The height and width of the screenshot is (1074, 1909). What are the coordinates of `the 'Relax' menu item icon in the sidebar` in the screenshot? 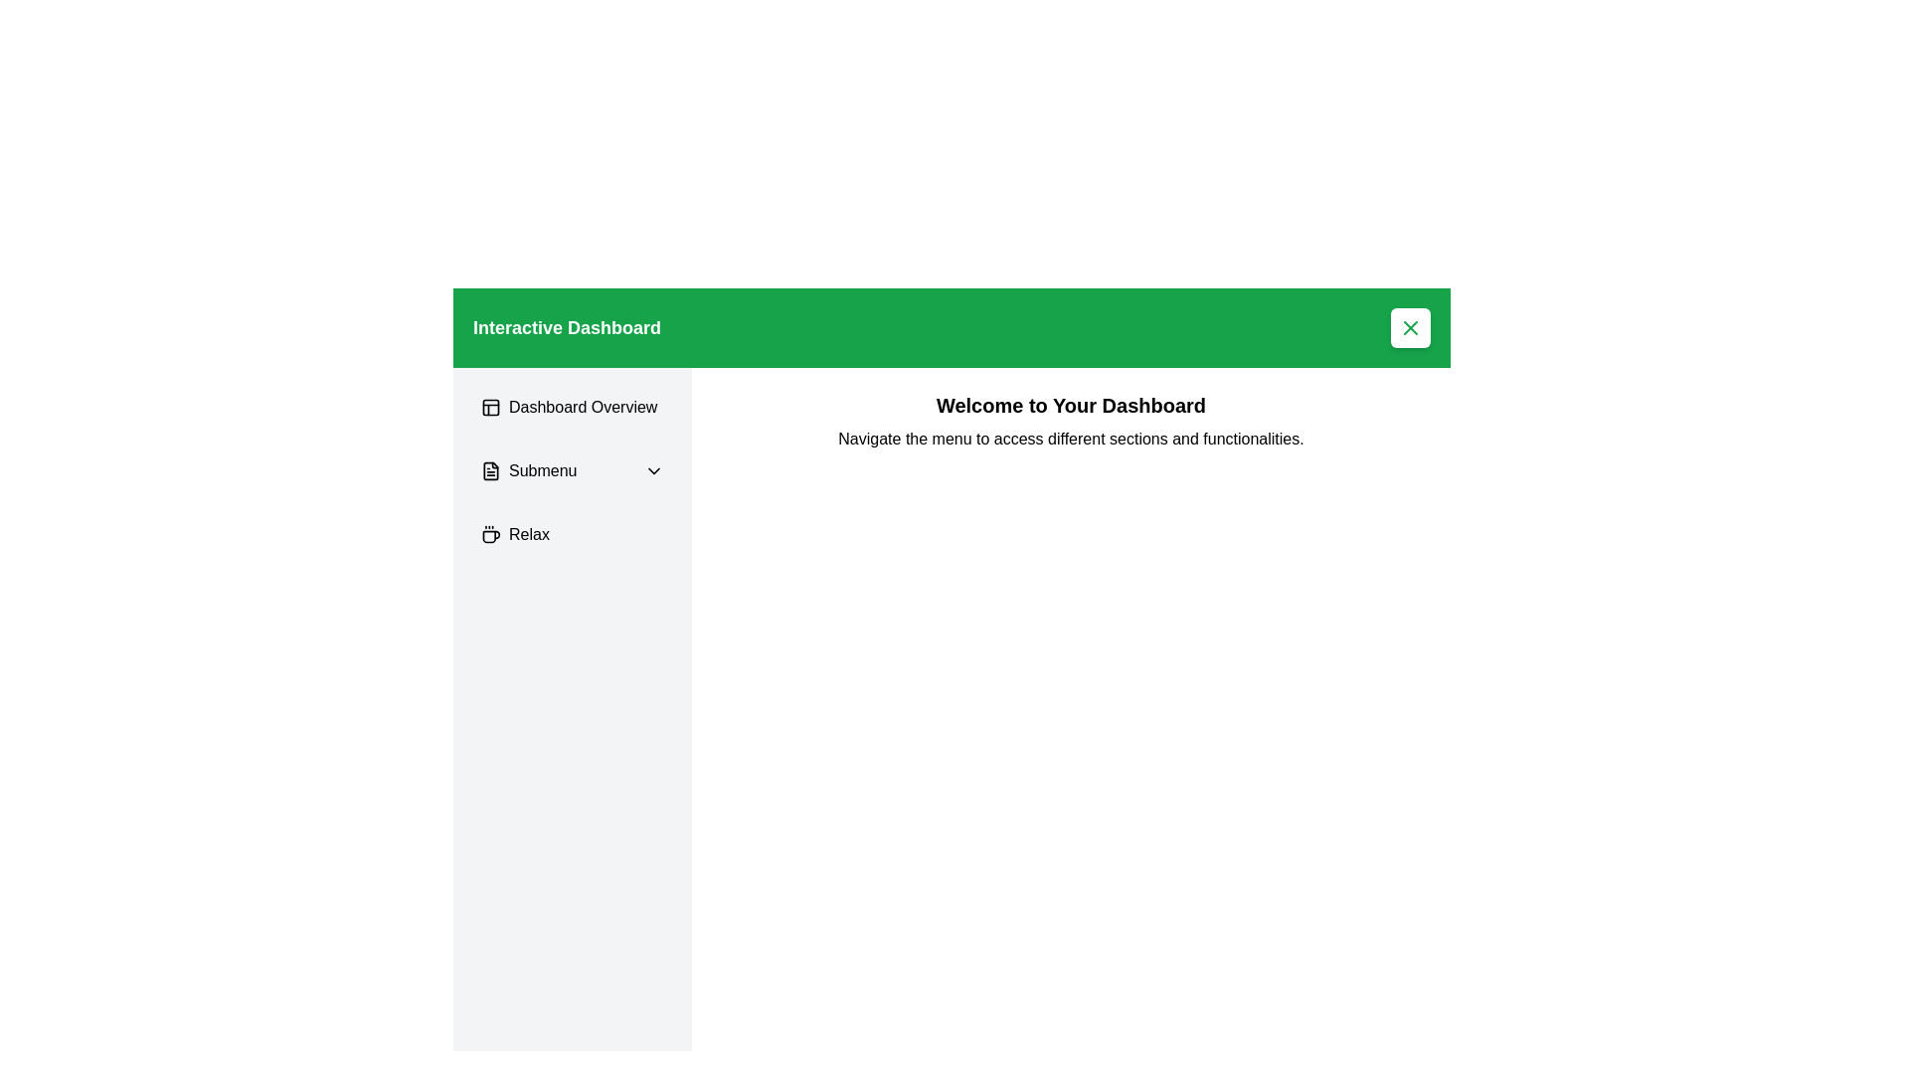 It's located at (491, 533).